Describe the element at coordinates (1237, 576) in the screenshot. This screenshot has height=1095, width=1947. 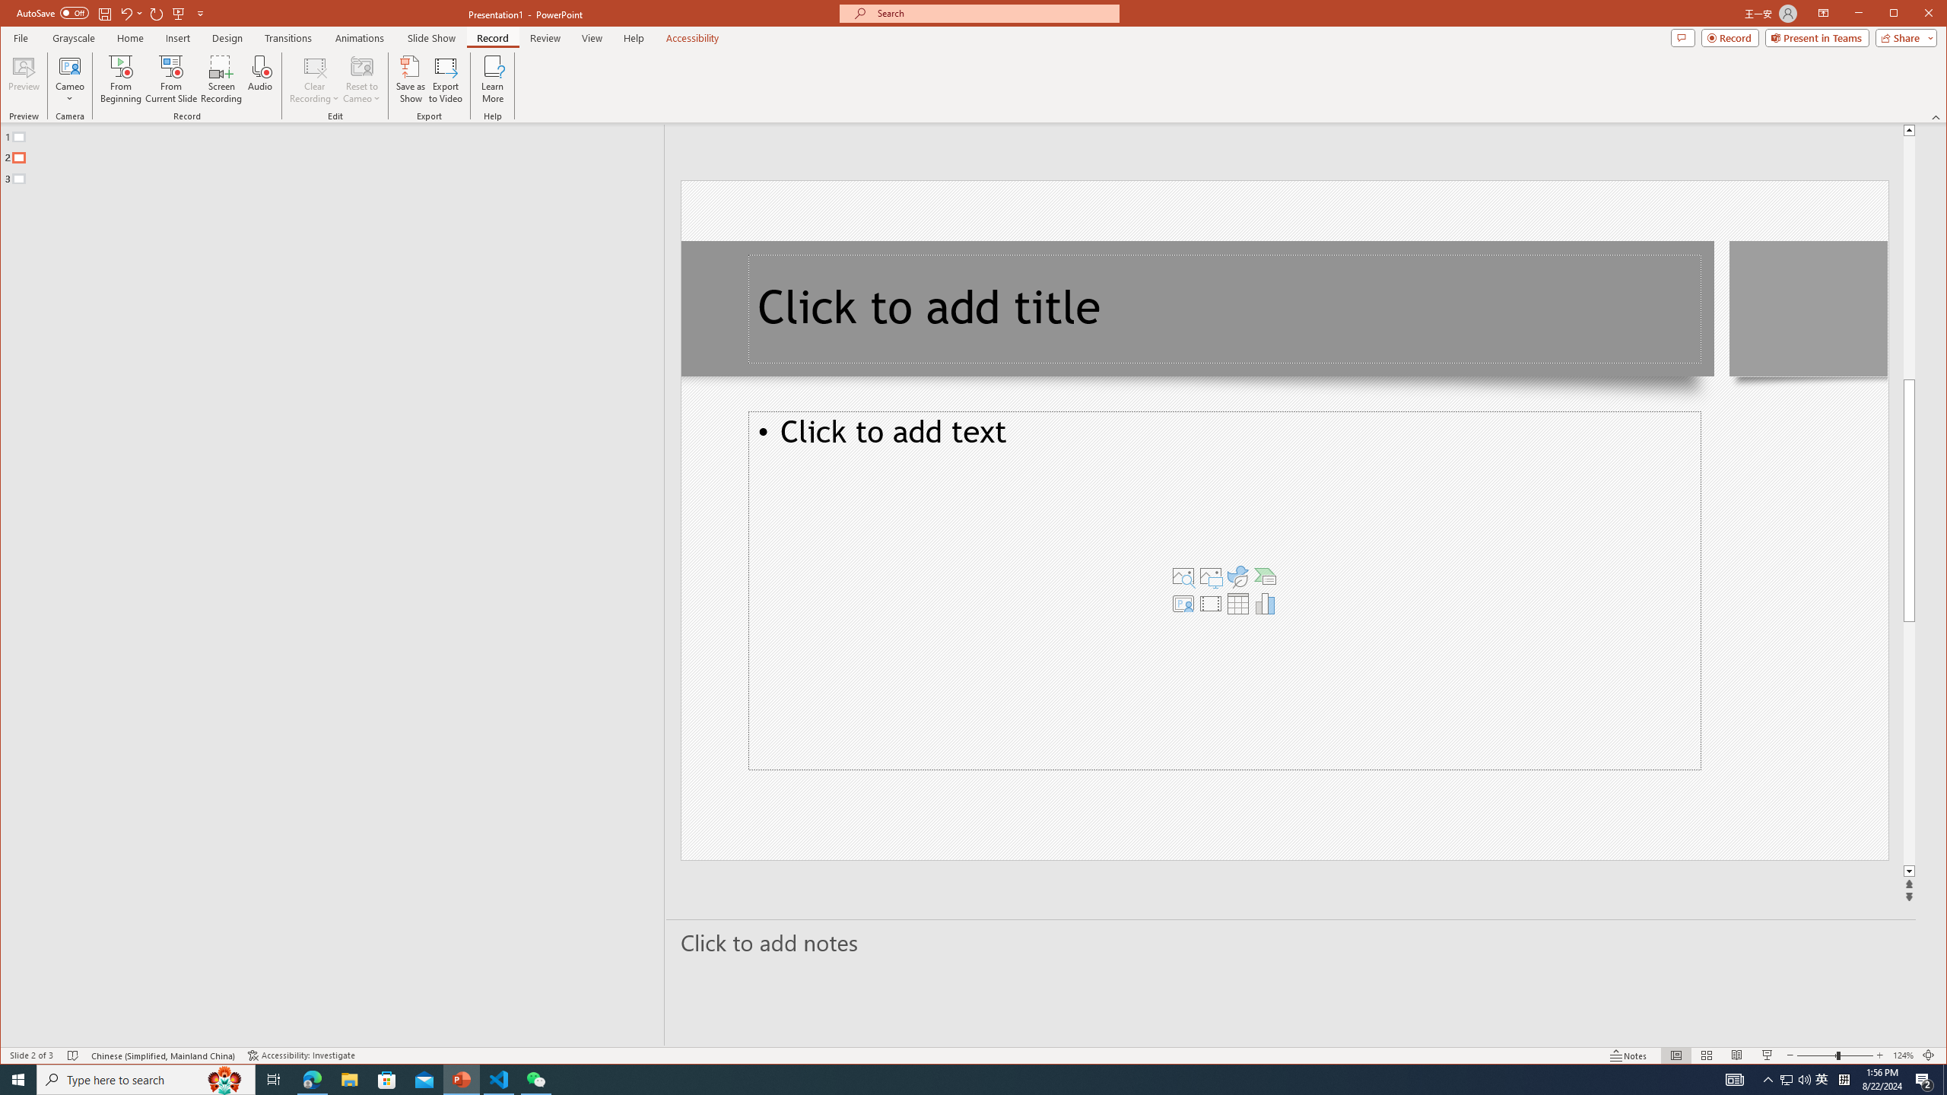
I see `'Insert an Icon'` at that location.